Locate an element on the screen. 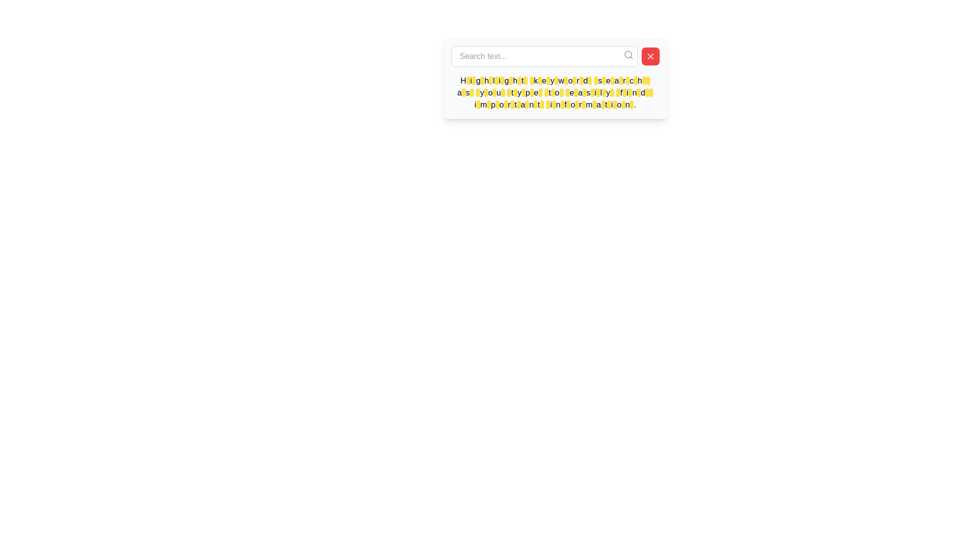  the small oval Highlight marker with a yellow background and black border, which is the fifth in a series of highlighted elements within the text 'Highlight keyword search as you type to easily find important information.' is located at coordinates (497, 80).